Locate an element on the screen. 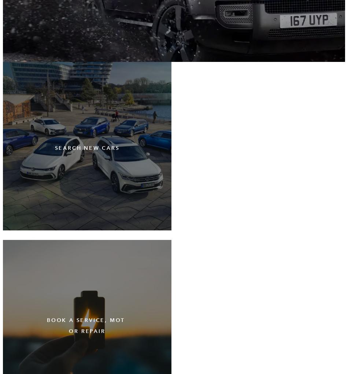  'Registered in England and Wales' is located at coordinates (3, 230).